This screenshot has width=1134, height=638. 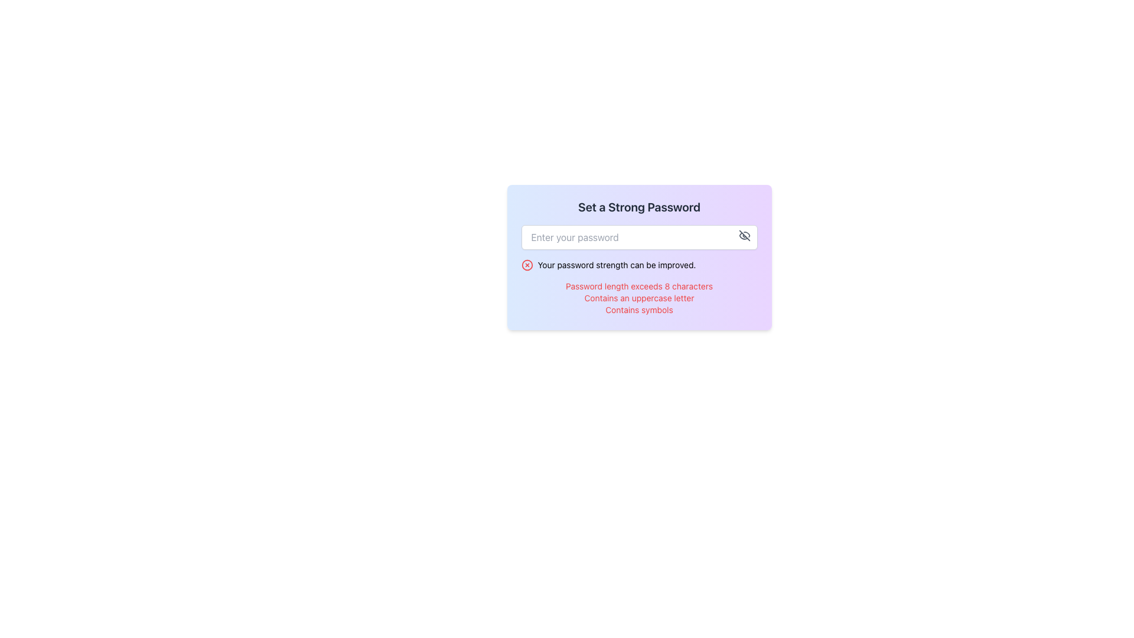 I want to click on text items that indicate the password criteria requirements, located below the message 'Your password strength can be improved', so click(x=638, y=298).